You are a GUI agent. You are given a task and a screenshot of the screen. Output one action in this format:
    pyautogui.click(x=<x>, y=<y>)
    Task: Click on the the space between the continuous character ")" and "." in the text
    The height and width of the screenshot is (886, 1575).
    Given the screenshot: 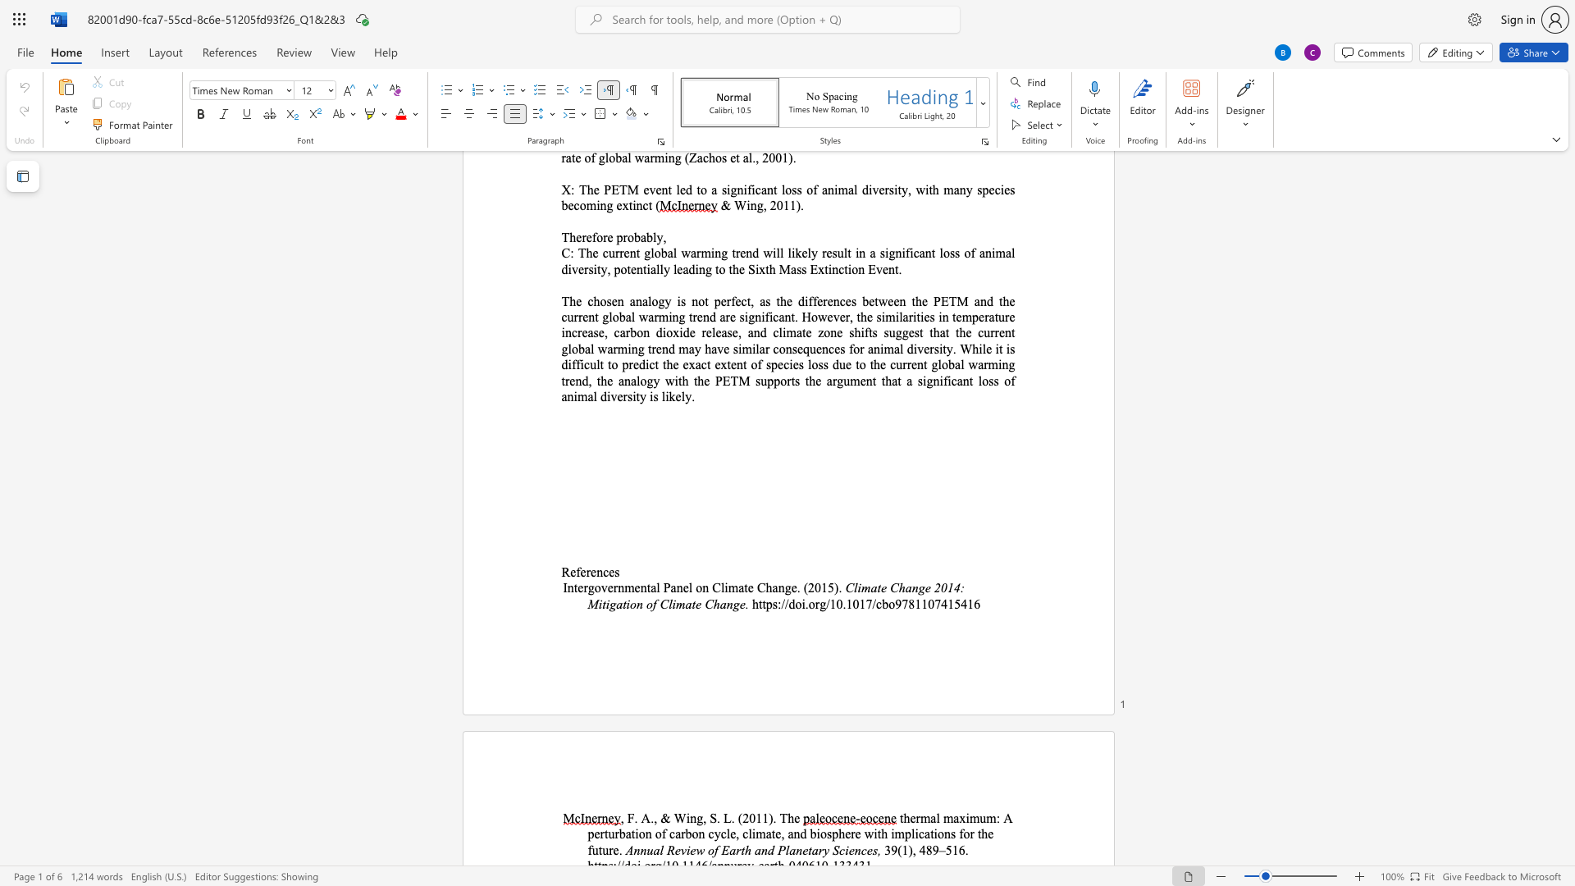 What is the action you would take?
    pyautogui.click(x=838, y=587)
    